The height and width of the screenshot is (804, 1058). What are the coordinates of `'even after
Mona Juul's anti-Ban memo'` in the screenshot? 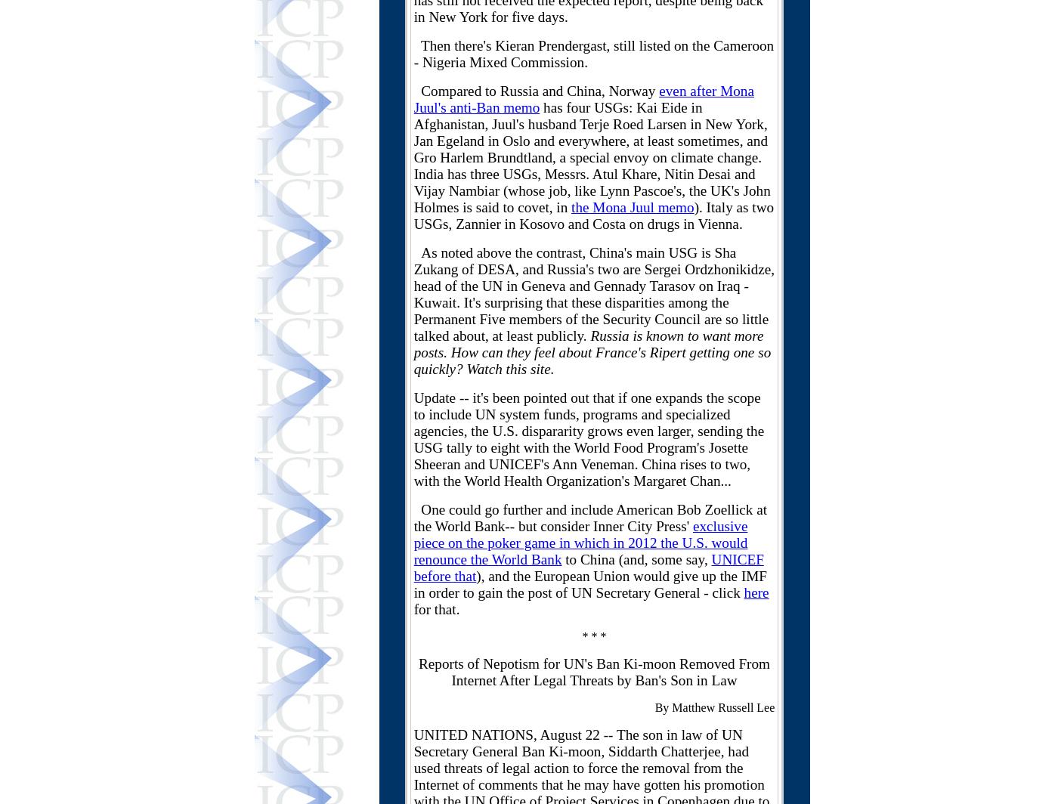 It's located at (583, 99).